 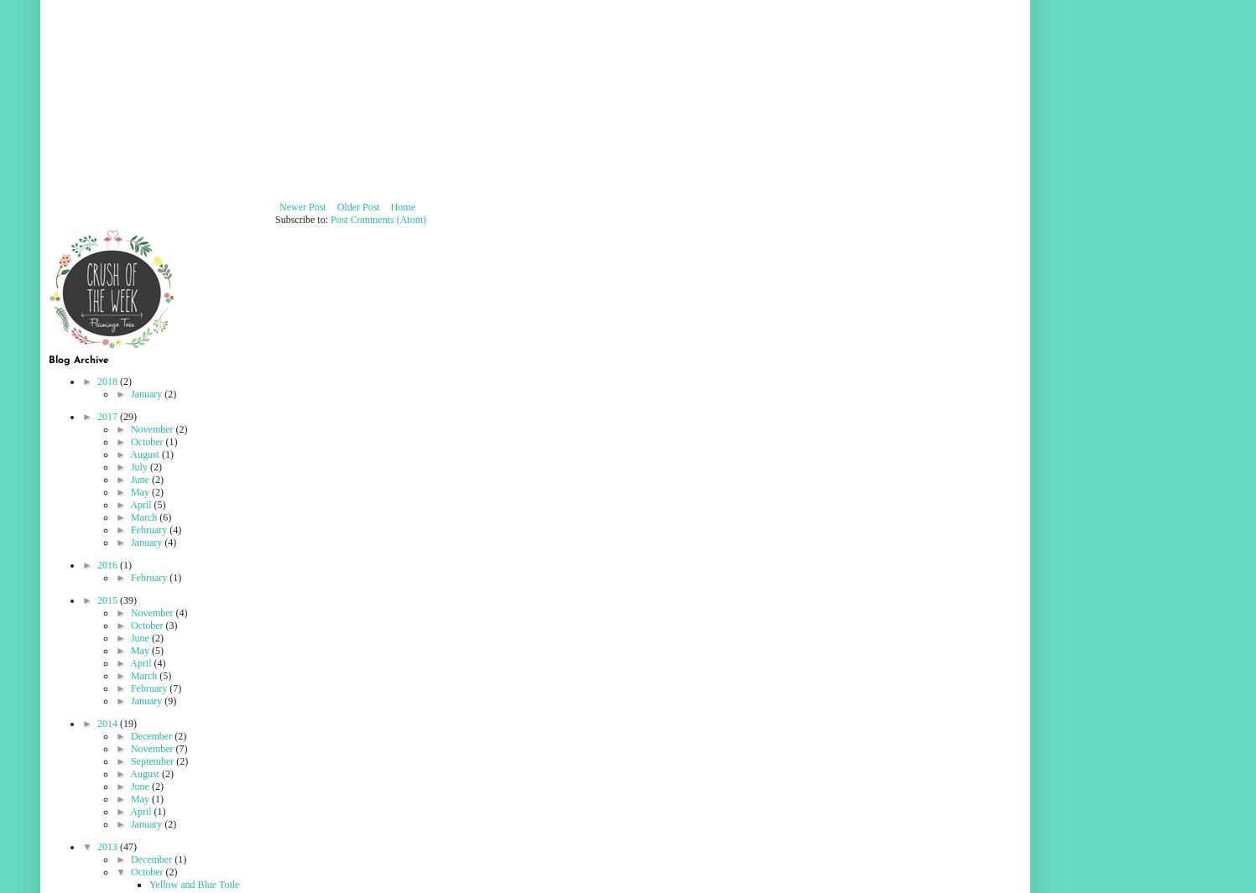 What do you see at coordinates (107, 723) in the screenshot?
I see `'2014'` at bounding box center [107, 723].